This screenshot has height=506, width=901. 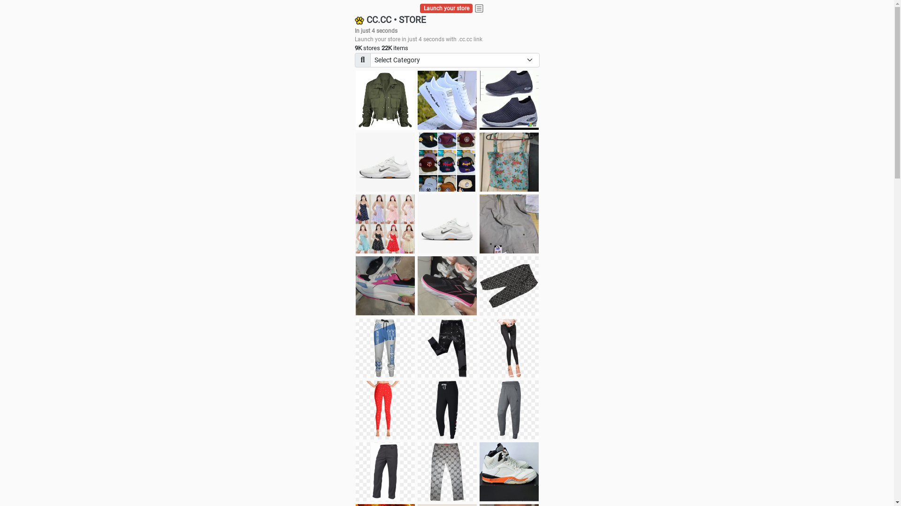 What do you see at coordinates (480, 100) in the screenshot?
I see `'shoes for boys'` at bounding box center [480, 100].